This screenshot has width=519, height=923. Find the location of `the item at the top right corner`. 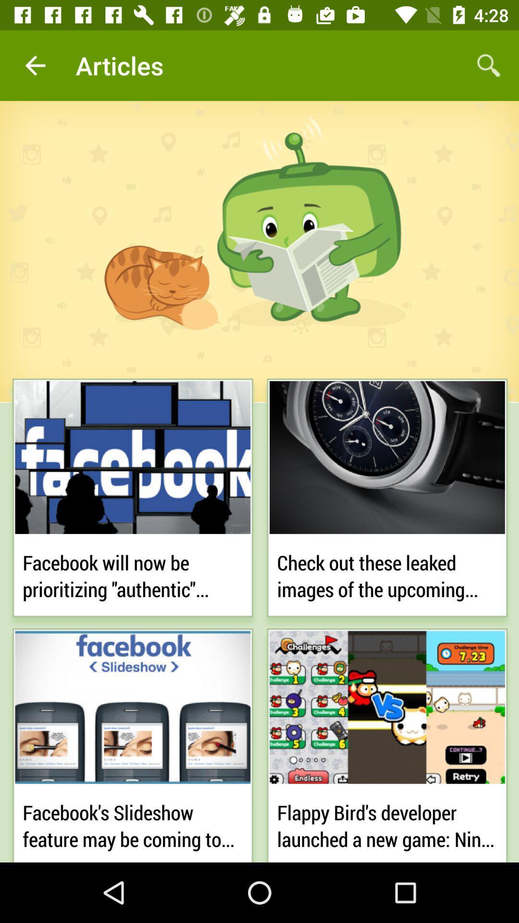

the item at the top right corner is located at coordinates (489, 65).